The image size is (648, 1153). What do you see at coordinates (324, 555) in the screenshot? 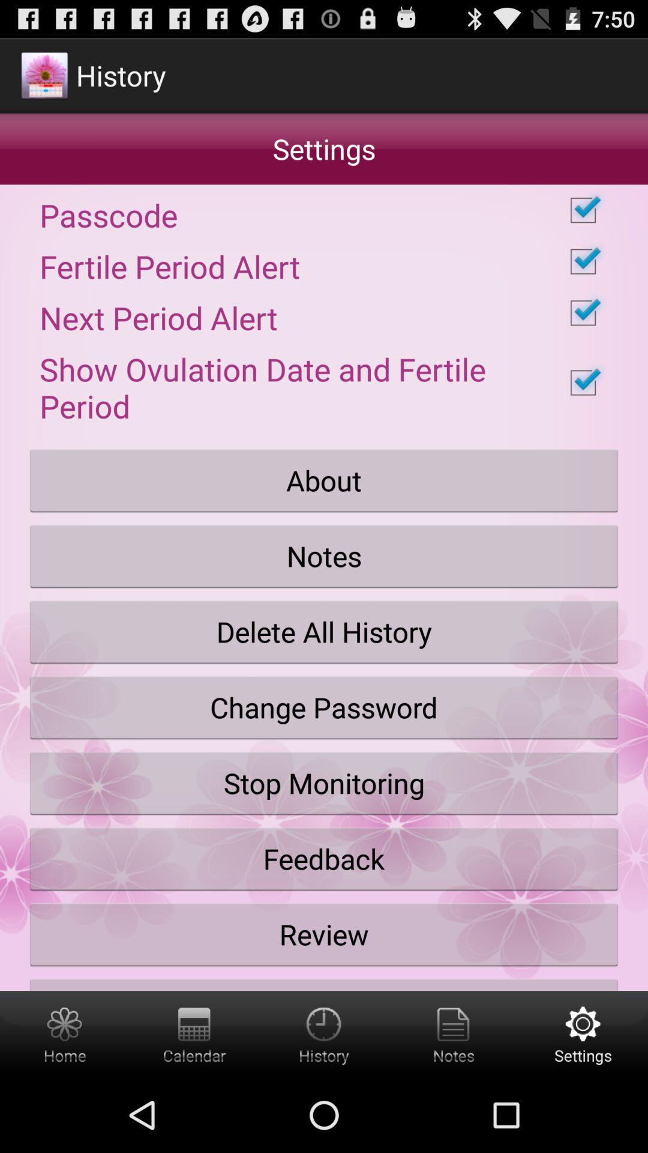
I see `the notes` at bounding box center [324, 555].